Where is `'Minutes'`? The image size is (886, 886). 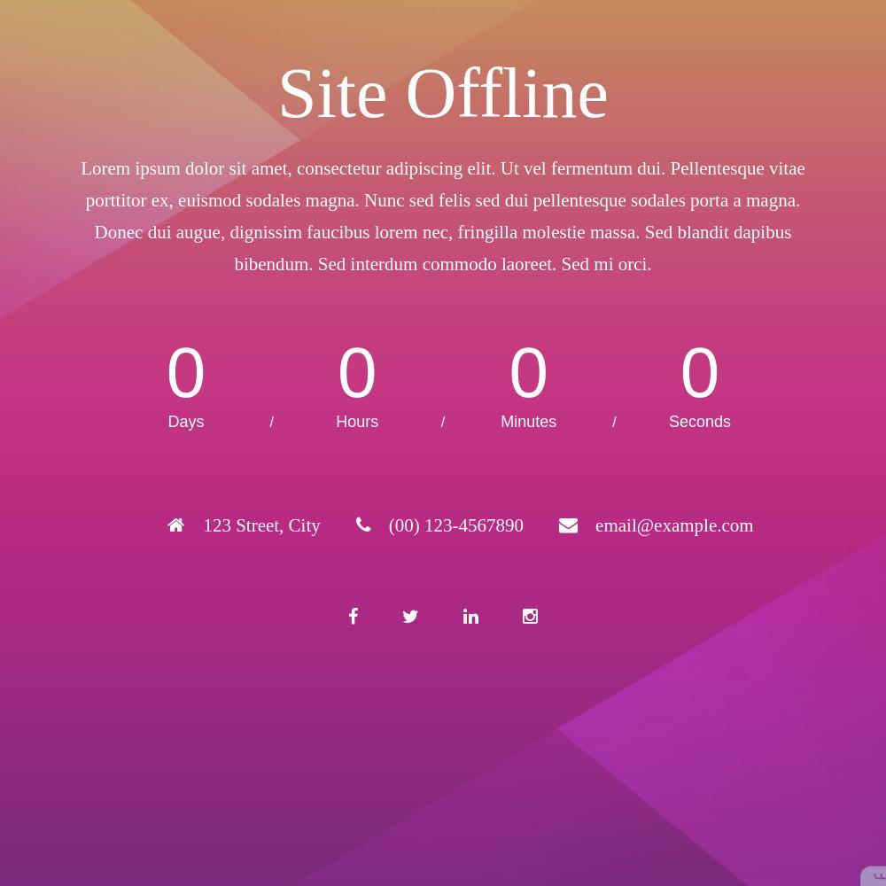
'Minutes' is located at coordinates (500, 421).